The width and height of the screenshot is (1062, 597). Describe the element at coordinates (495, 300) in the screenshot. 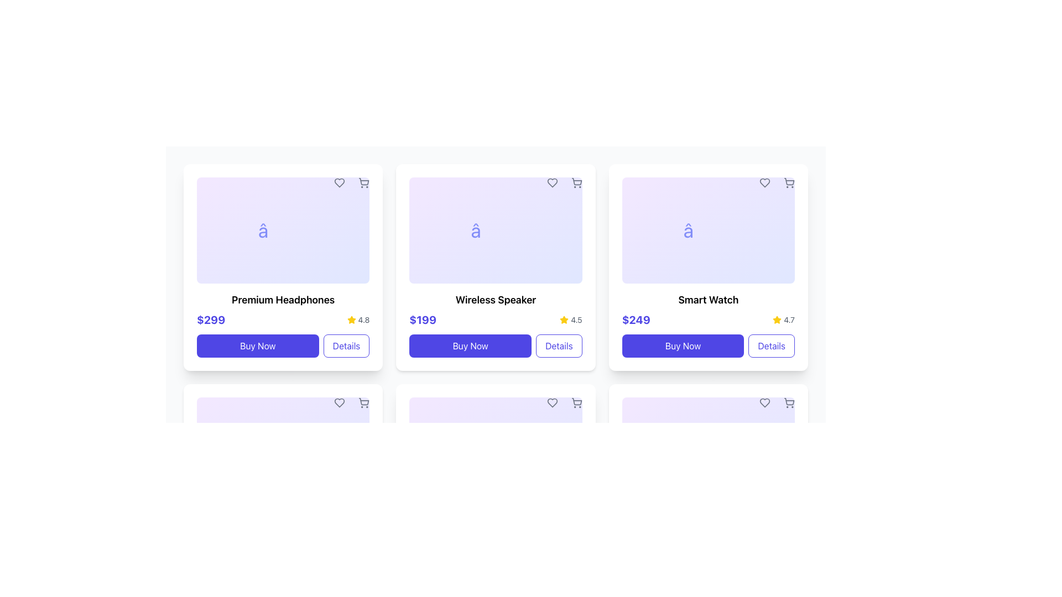

I see `text label that serves as the title or name of the product displayed in the second card, located centrally beneath the image placeholder and above the price label and action buttons` at that location.